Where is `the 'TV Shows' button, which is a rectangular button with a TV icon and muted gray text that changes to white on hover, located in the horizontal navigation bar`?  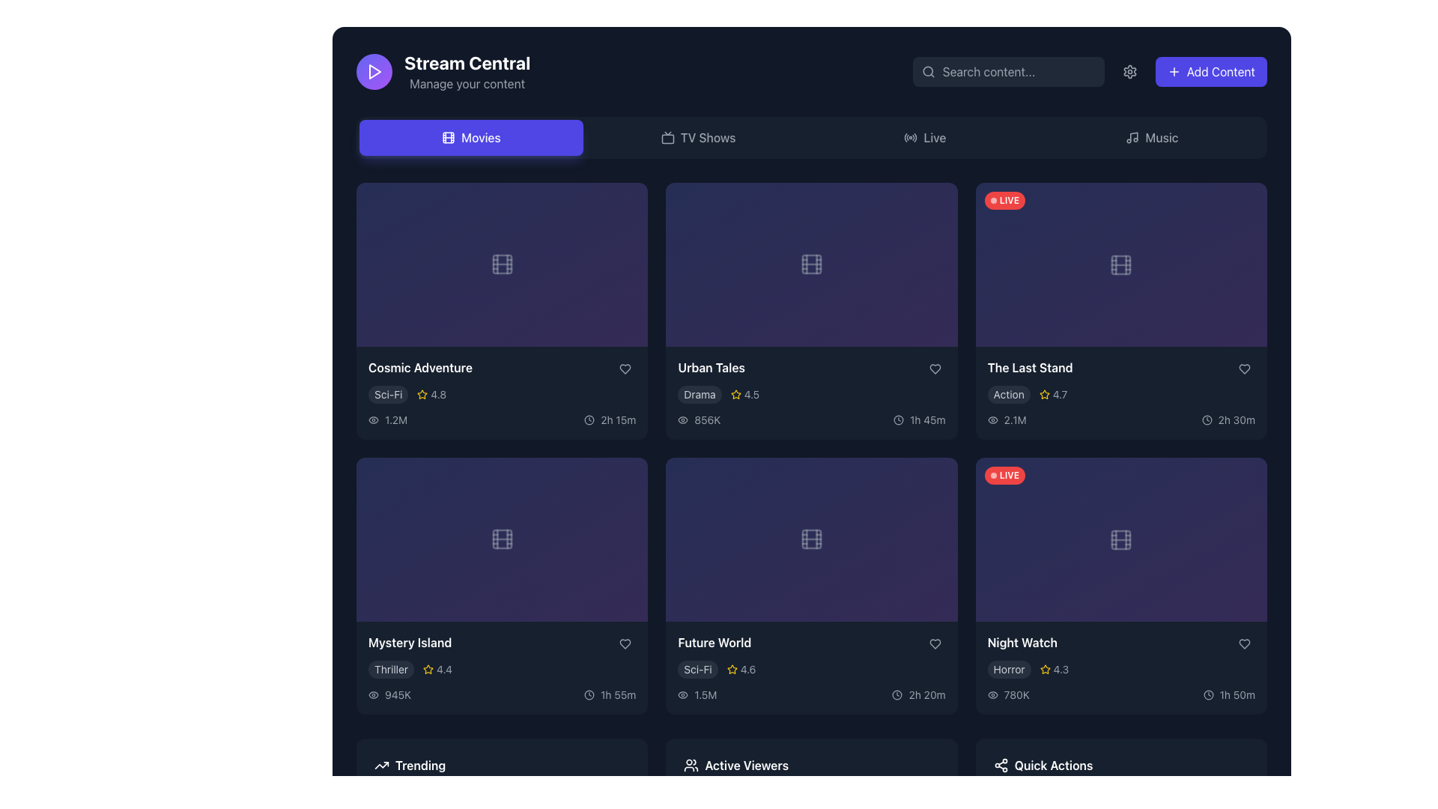 the 'TV Shows' button, which is a rectangular button with a TV icon and muted gray text that changes to white on hover, located in the horizontal navigation bar is located at coordinates (697, 138).